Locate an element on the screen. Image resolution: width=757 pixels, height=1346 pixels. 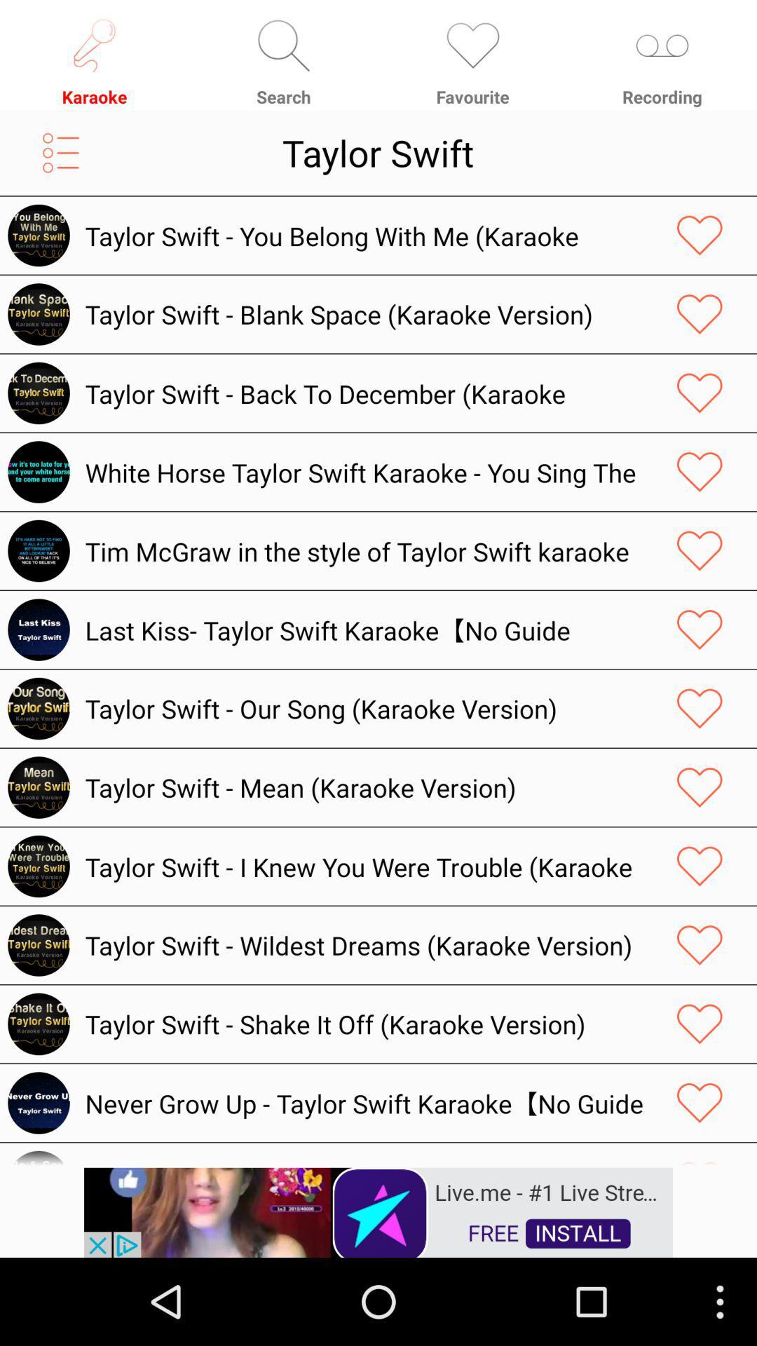
try this app is located at coordinates (378, 1211).